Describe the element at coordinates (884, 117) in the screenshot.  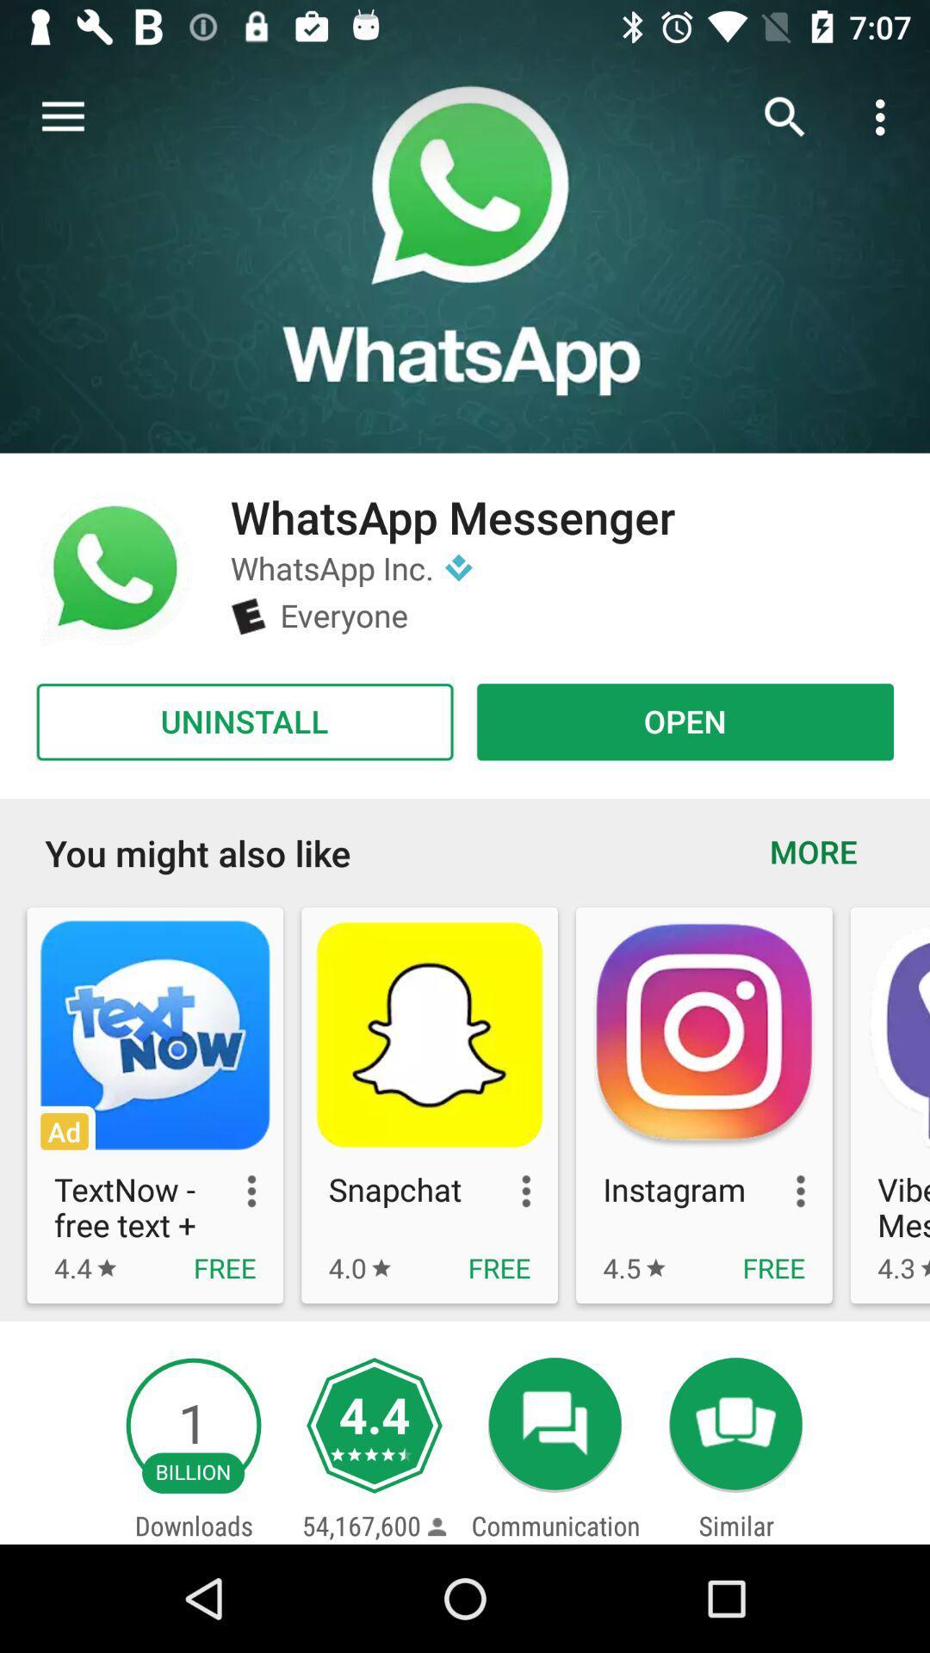
I see `the the customize and control option which is located at top right corner` at that location.